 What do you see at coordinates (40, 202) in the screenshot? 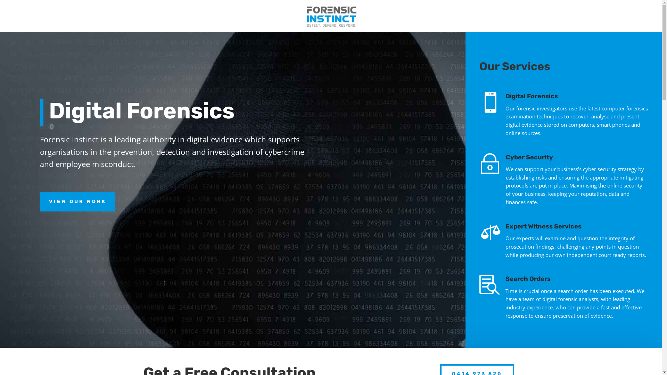
I see `'VIEW OUR WORK'` at bounding box center [40, 202].